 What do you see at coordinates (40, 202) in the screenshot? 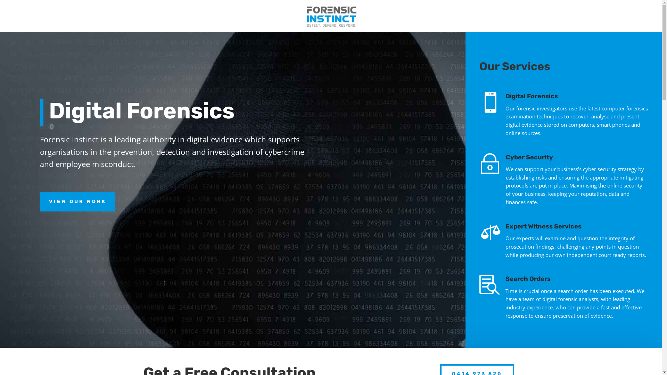
I see `'VIEW OUR WORK'` at bounding box center [40, 202].